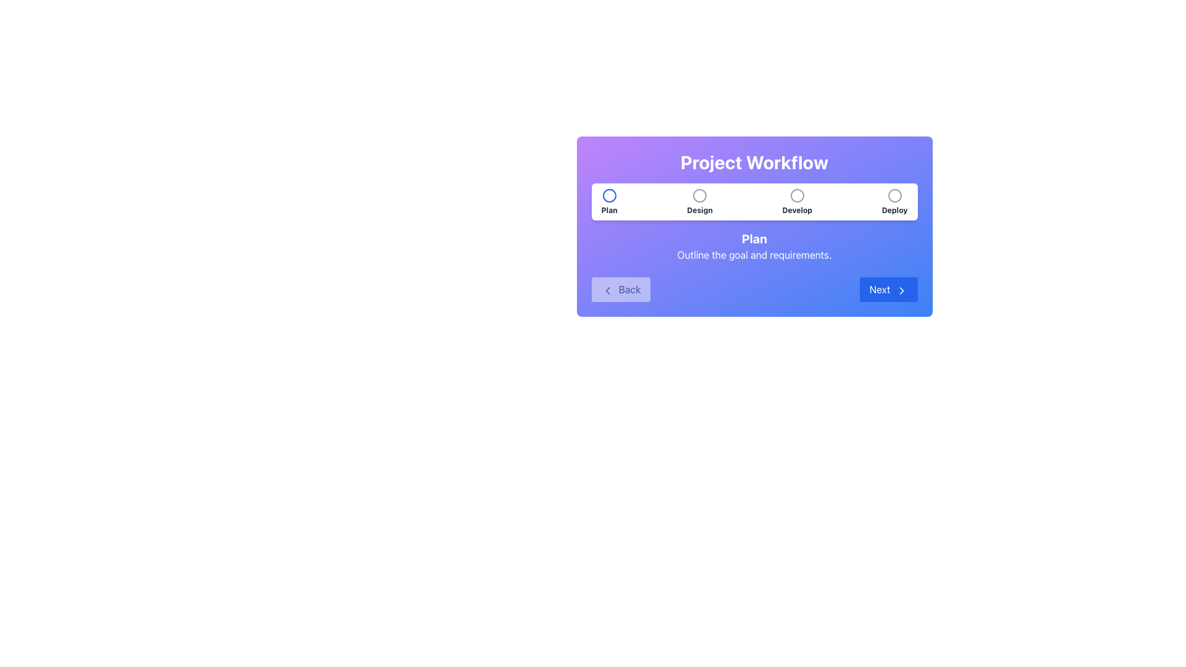  What do you see at coordinates (700, 201) in the screenshot?
I see `the 'Design' milestone icon in the project workflow interface, which is the second item in a horizontal group of four, positioned between the 'Plan' and 'Develop' elements` at bounding box center [700, 201].